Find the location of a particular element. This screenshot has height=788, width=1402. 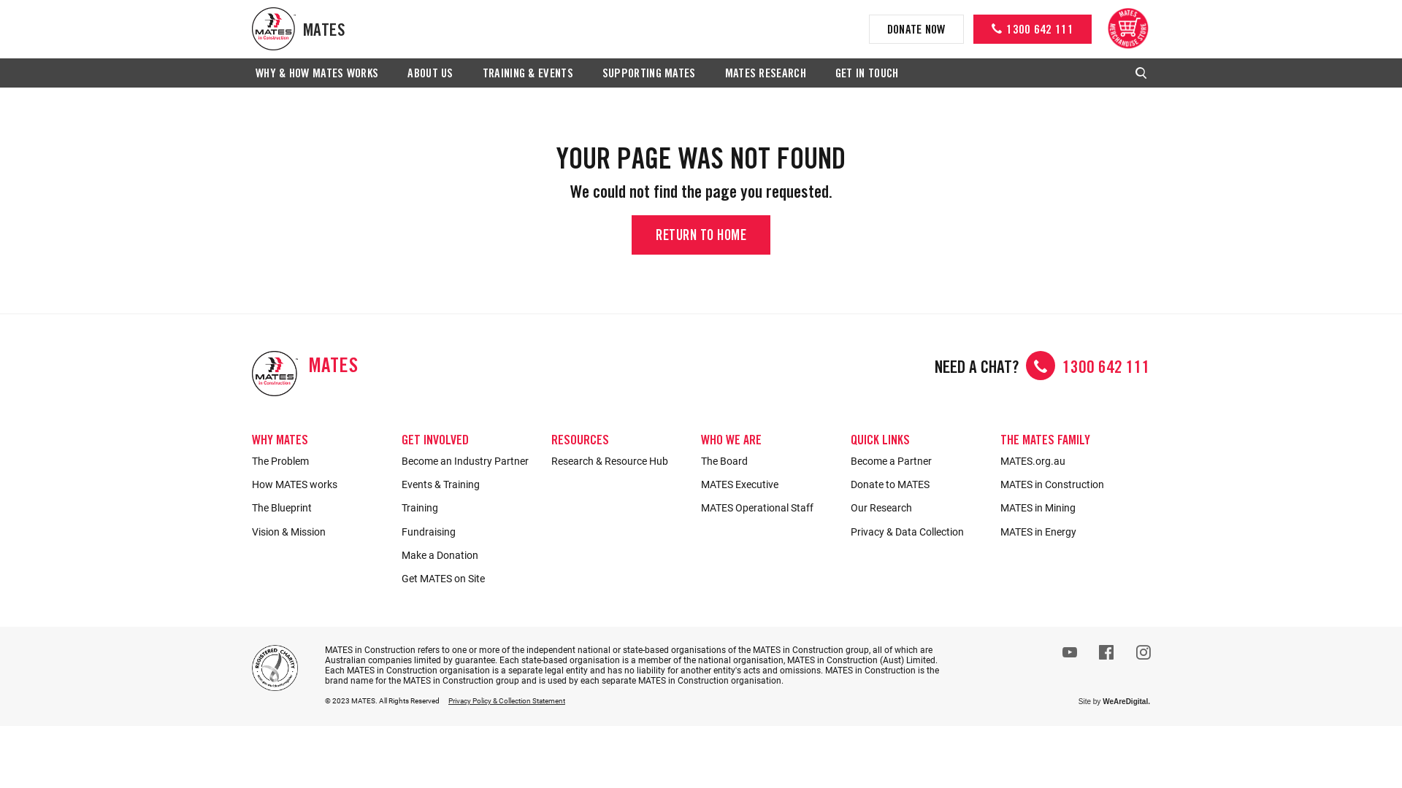

'WHY & HOW MATES WORKS' is located at coordinates (252, 74).